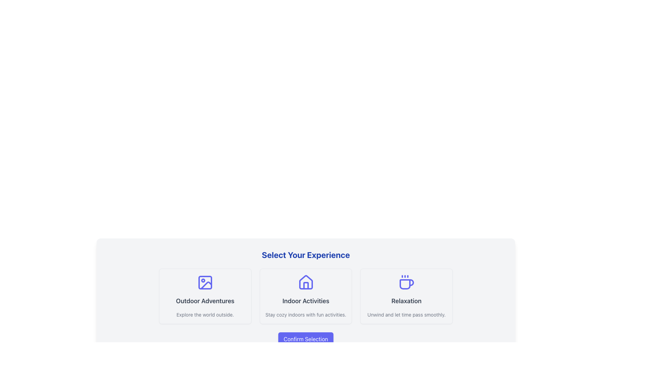 The height and width of the screenshot is (370, 658). I want to click on the 'Confirm Selection' button located below the choice panels titled 'Outdoor Adventures,' 'Indoor Activities,' and 'Relaxation' to finalize the user's selection, so click(305, 339).